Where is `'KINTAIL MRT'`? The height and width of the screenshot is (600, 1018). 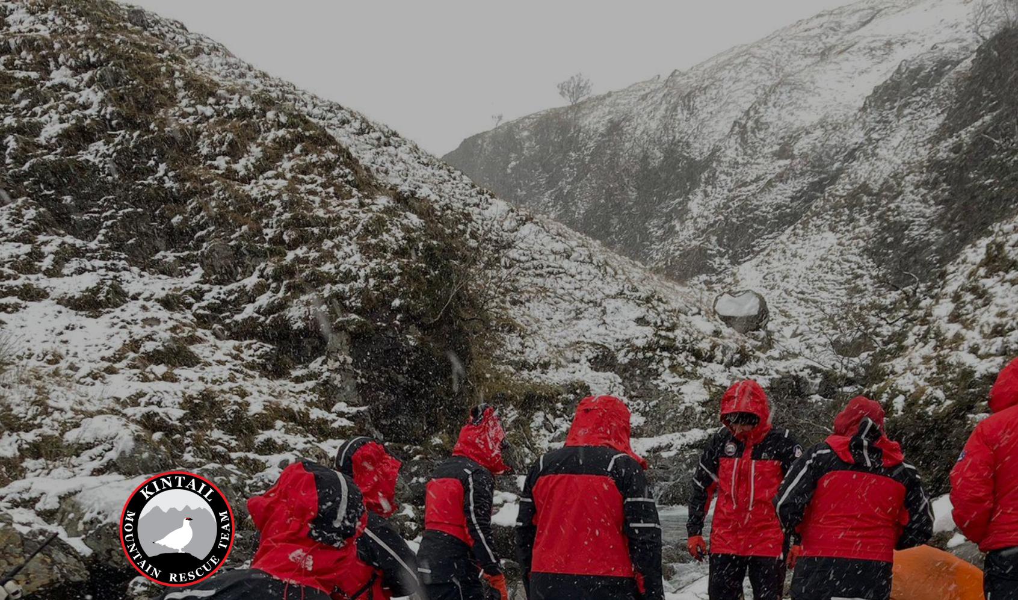
'KINTAIL MRT' is located at coordinates (118, 20).